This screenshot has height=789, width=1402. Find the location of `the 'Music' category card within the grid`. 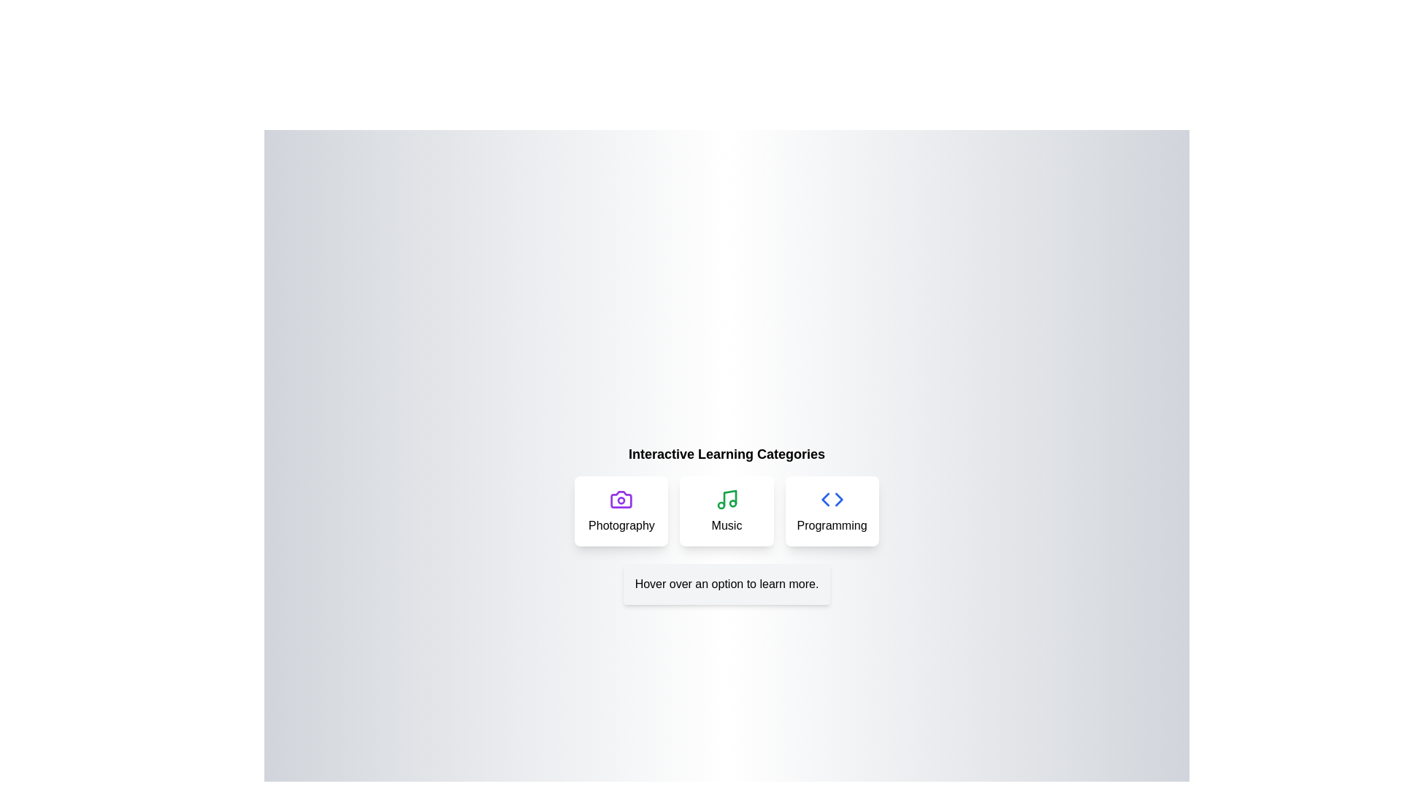

the 'Music' category card within the grid is located at coordinates (727, 510).